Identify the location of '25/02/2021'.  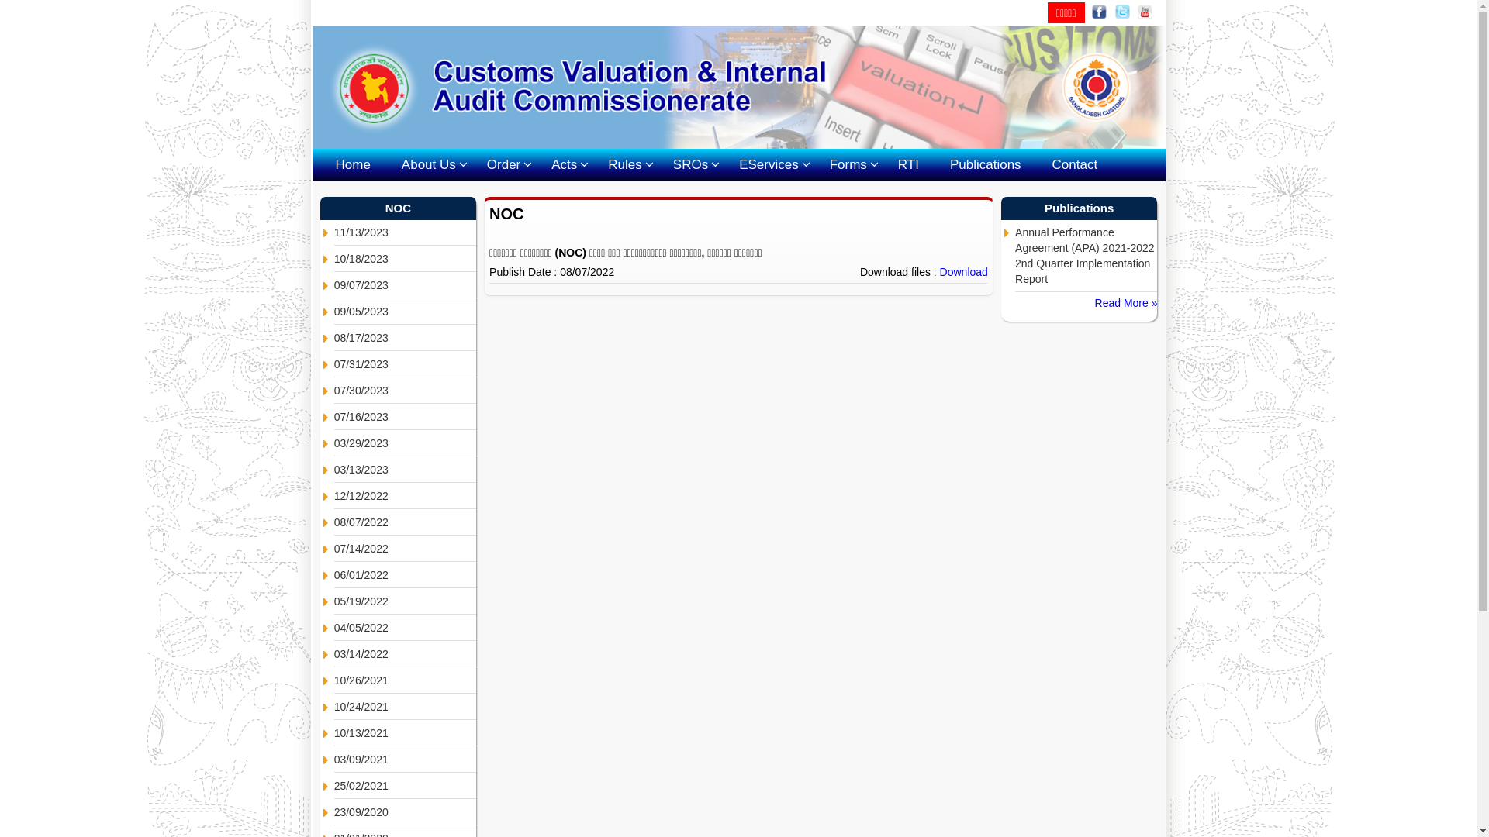
(333, 786).